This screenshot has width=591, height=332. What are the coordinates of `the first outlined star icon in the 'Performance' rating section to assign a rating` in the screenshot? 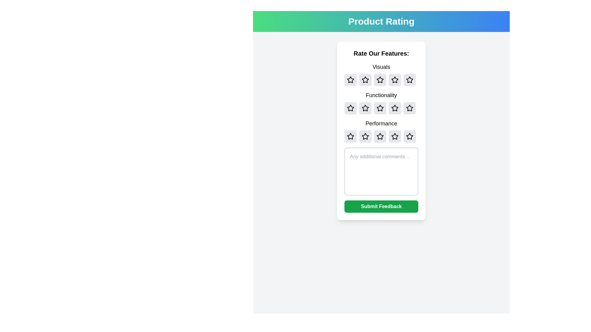 It's located at (350, 136).